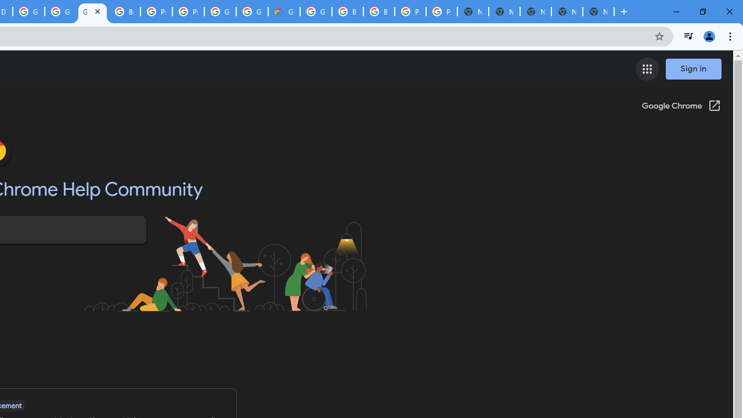 The image size is (743, 418). What do you see at coordinates (28, 12) in the screenshot?
I see `'Google Cloud Platform'` at bounding box center [28, 12].